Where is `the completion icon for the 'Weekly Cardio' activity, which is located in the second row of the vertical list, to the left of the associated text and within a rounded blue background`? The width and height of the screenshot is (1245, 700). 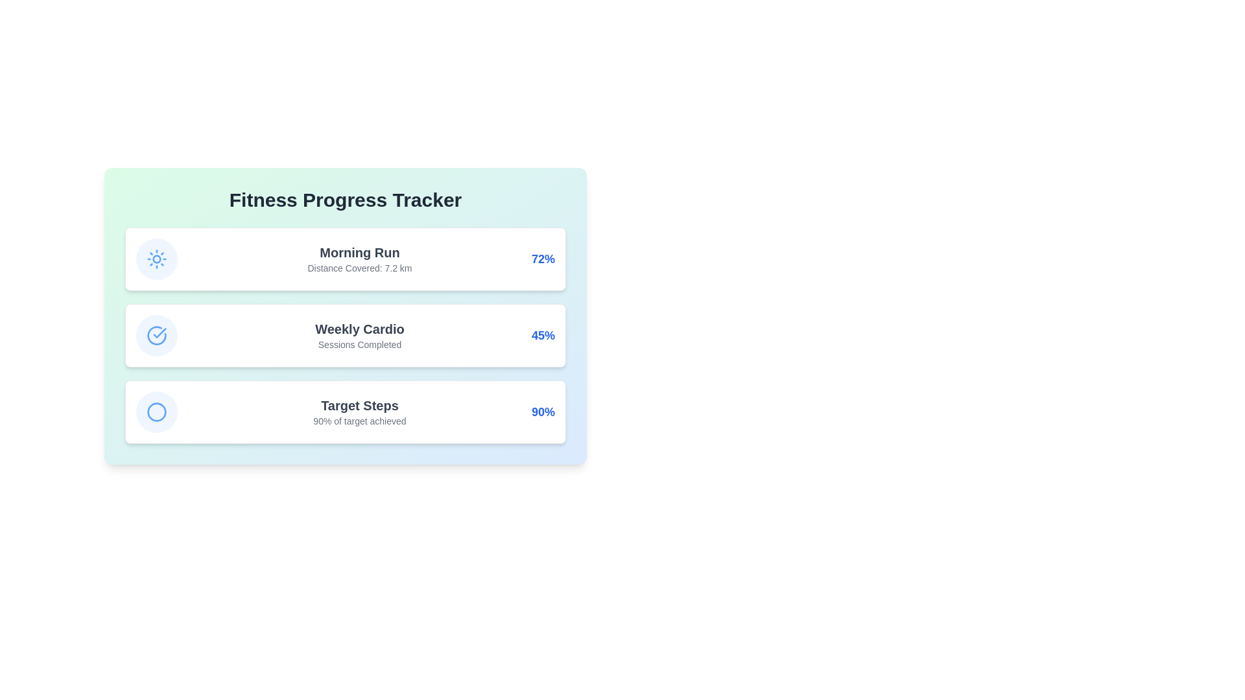 the completion icon for the 'Weekly Cardio' activity, which is located in the second row of the vertical list, to the left of the associated text and within a rounded blue background is located at coordinates (156, 334).